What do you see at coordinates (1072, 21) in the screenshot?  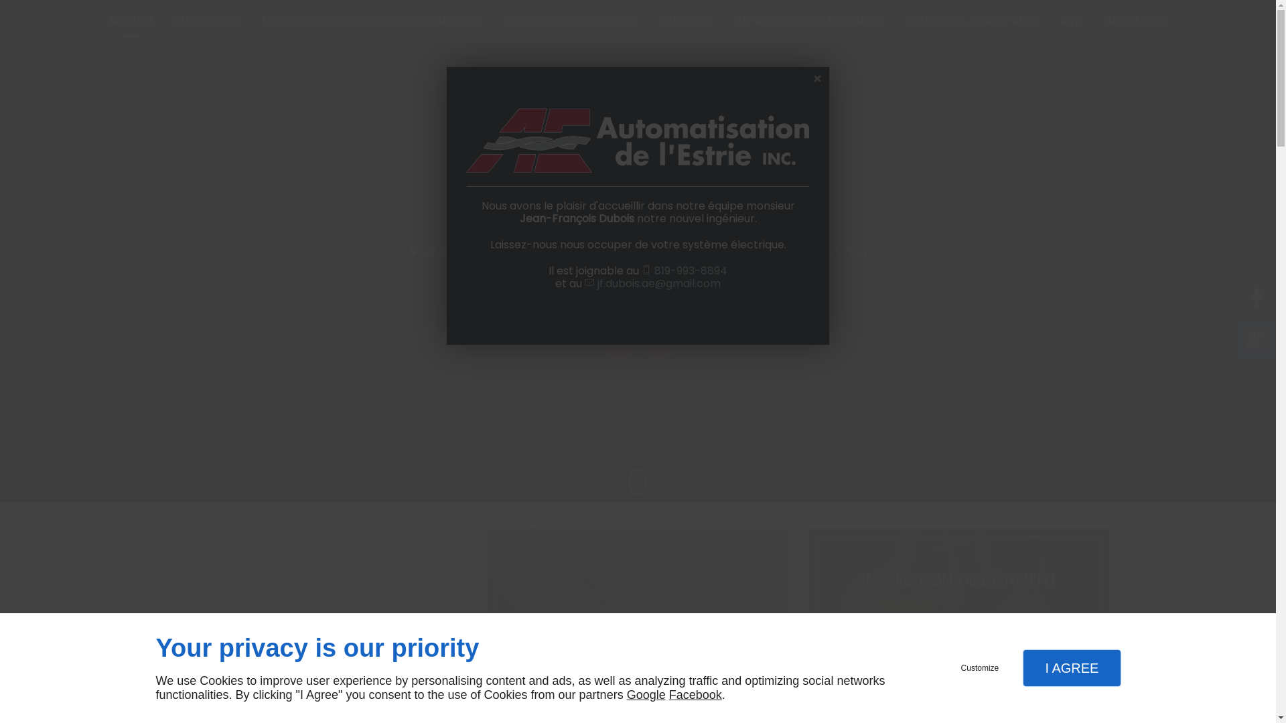 I see `'AVIS'` at bounding box center [1072, 21].